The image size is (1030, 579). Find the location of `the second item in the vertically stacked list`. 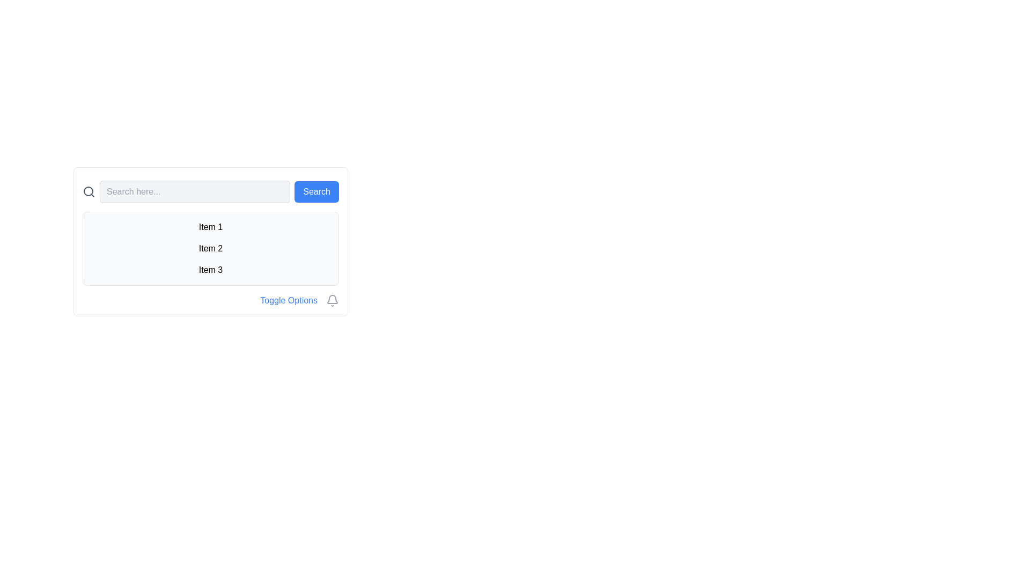

the second item in the vertically stacked list is located at coordinates (211, 248).